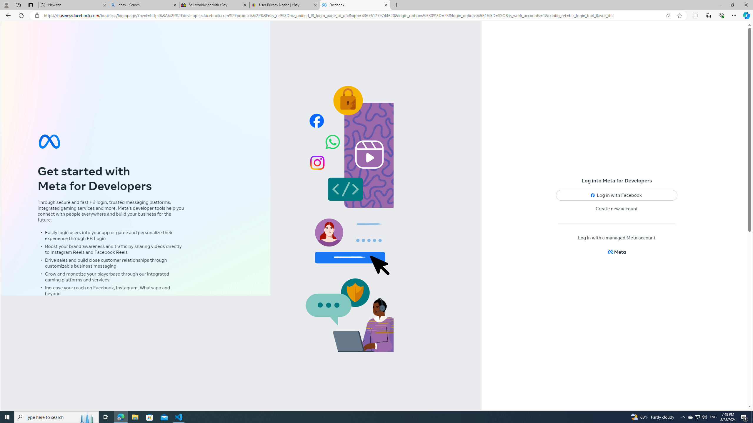  I want to click on 'Log in with a managed Meta account', so click(616, 238).